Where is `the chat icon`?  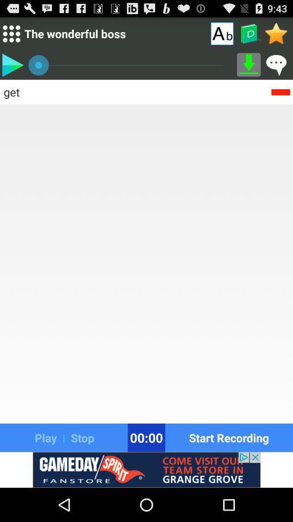 the chat icon is located at coordinates (276, 69).